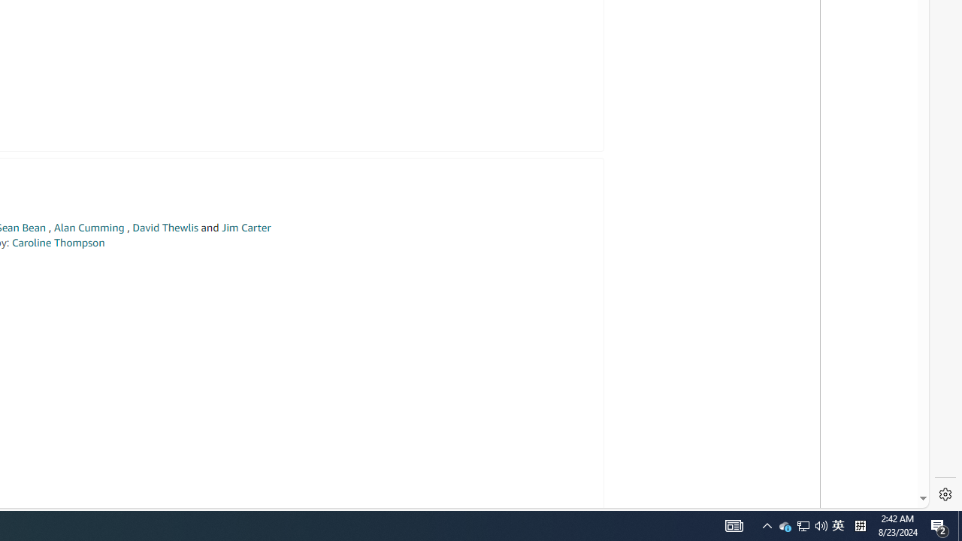 The height and width of the screenshot is (541, 962). Describe the element at coordinates (88, 228) in the screenshot. I see `'Alan Cumming'` at that location.